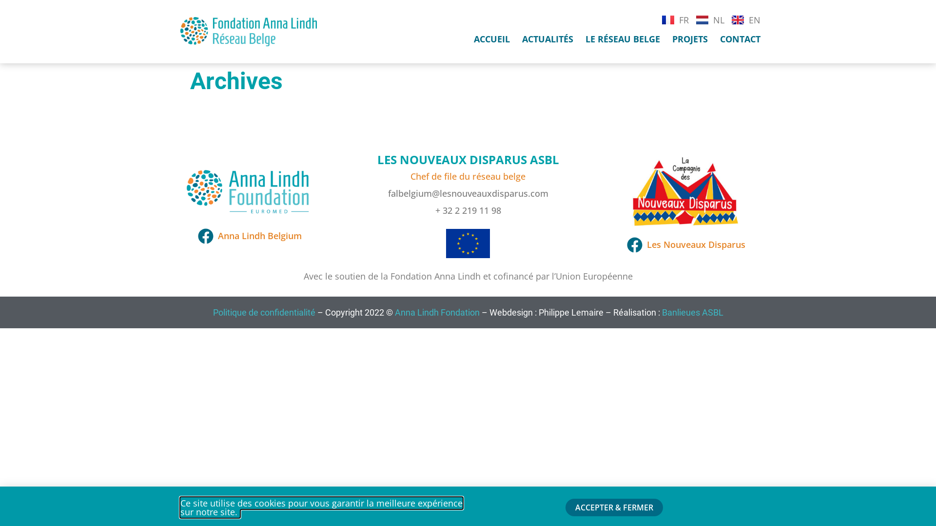 The height and width of the screenshot is (526, 936). What do you see at coordinates (684, 244) in the screenshot?
I see `'Les Nouveaux Disparus'` at bounding box center [684, 244].